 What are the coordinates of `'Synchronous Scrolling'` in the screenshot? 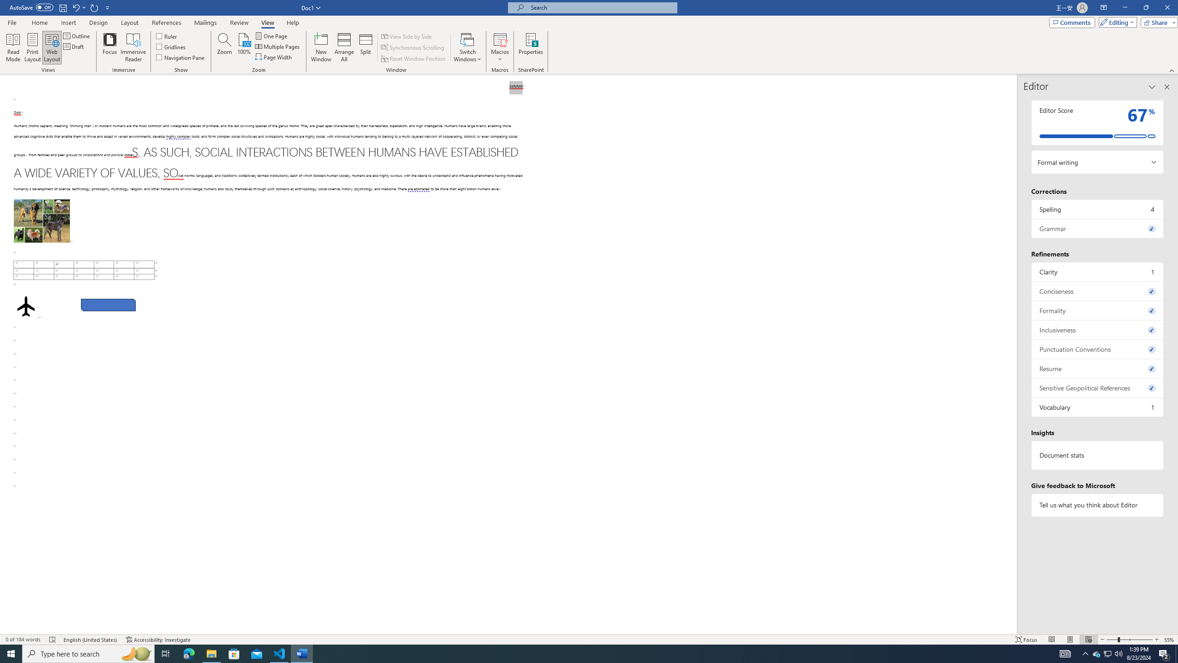 It's located at (413, 47).